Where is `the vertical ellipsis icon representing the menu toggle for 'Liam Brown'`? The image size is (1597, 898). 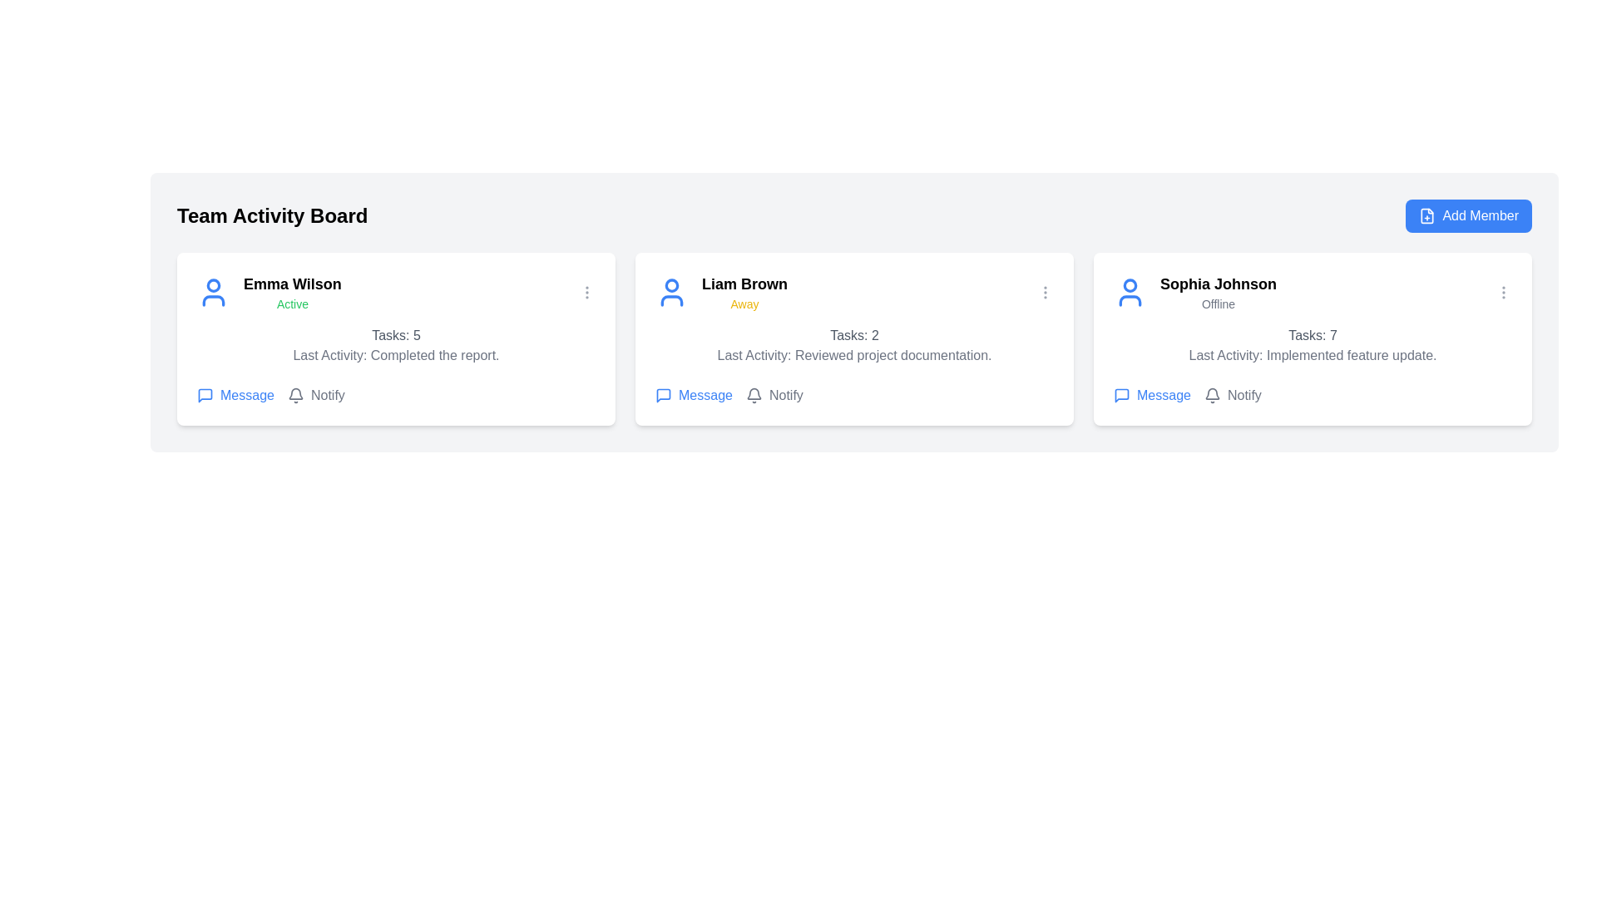
the vertical ellipsis icon representing the menu toggle for 'Liam Brown' is located at coordinates (1045, 291).